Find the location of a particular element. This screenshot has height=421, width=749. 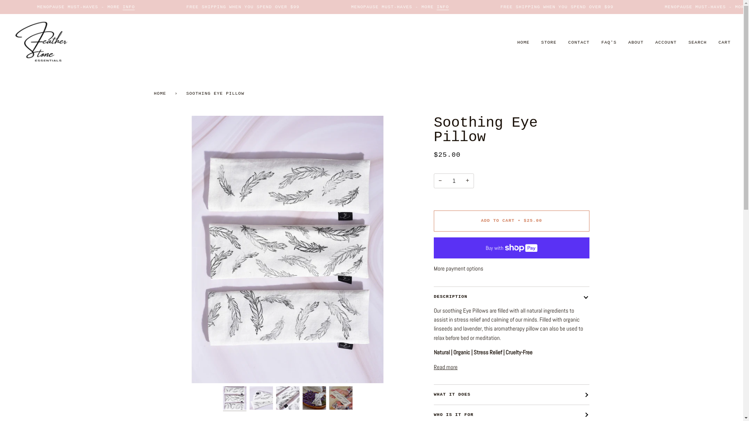

'DESCRIPTION' is located at coordinates (511, 296).